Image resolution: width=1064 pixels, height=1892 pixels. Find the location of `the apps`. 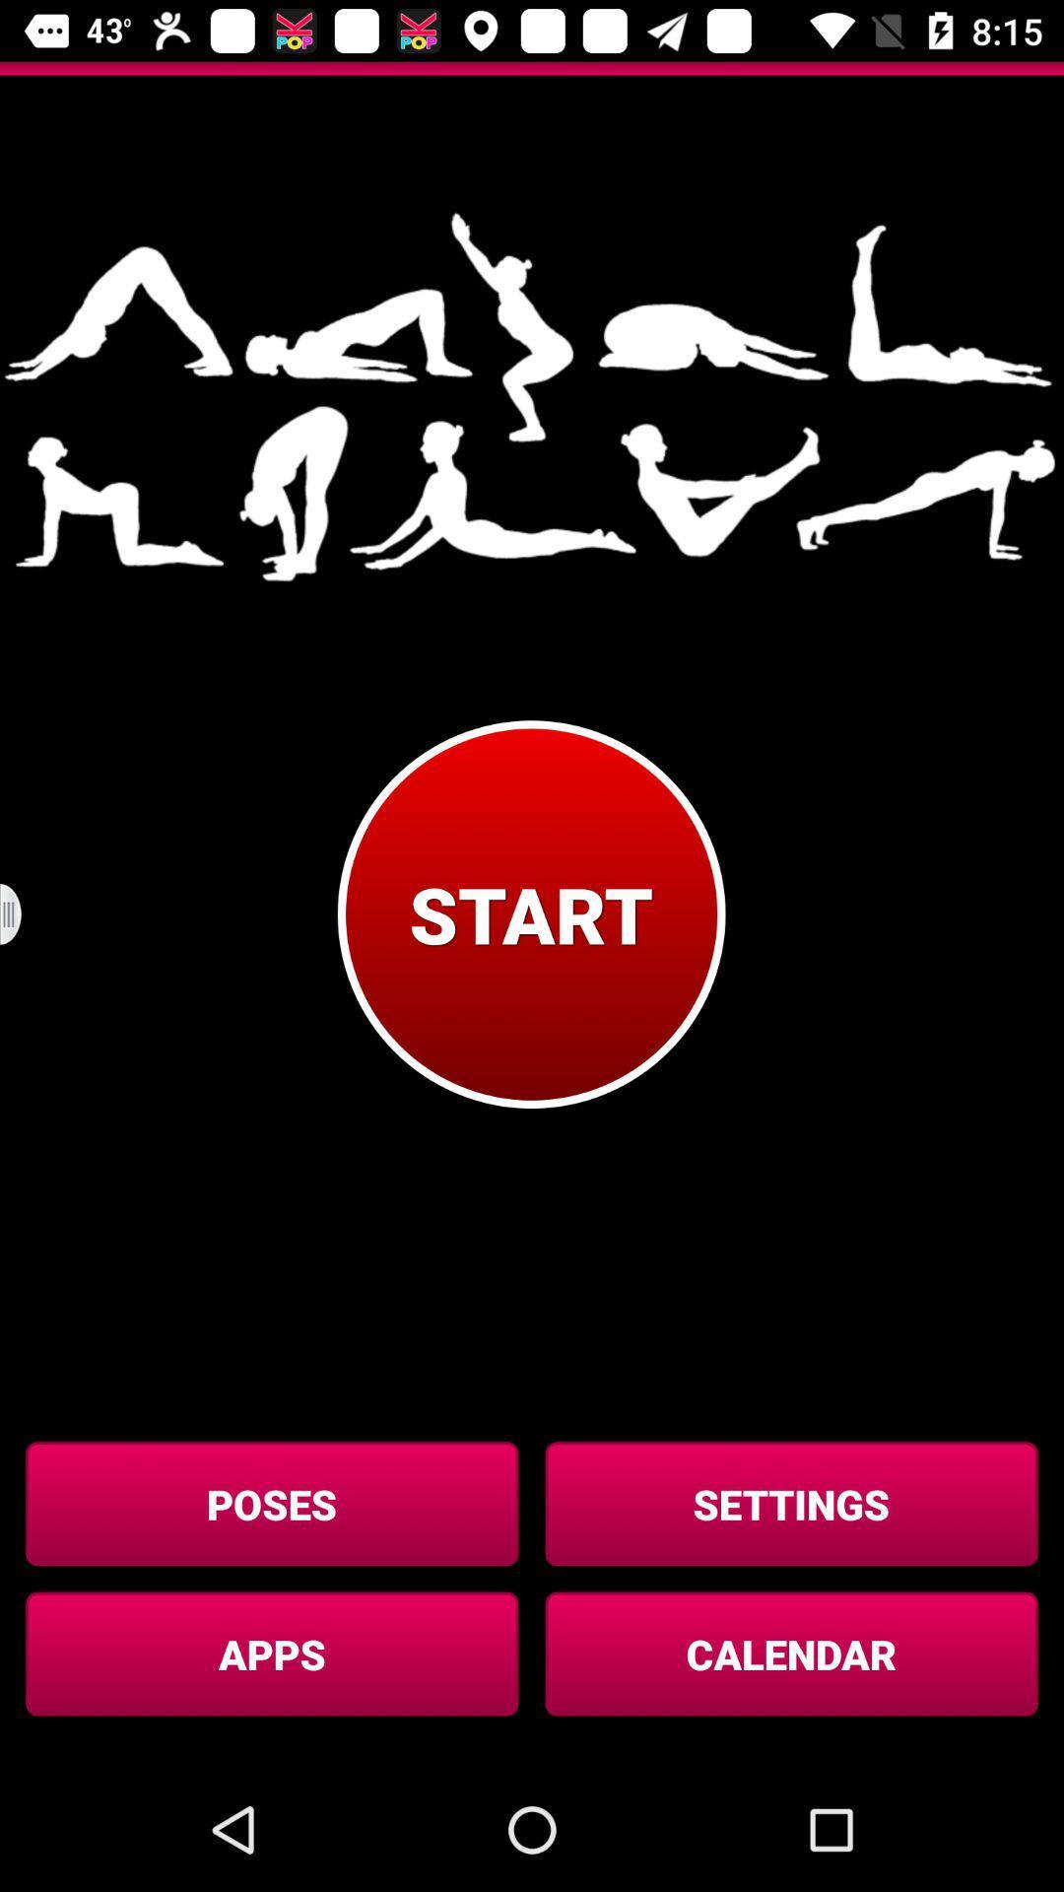

the apps is located at coordinates (272, 1654).